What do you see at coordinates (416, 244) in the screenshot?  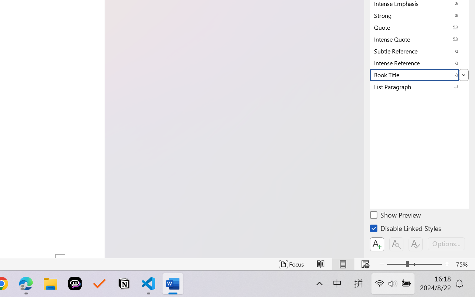 I see `'Class: NetUIButton'` at bounding box center [416, 244].